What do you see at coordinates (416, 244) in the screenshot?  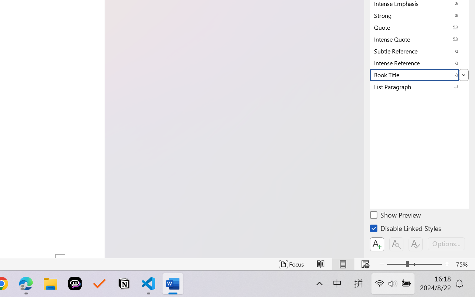 I see `'Class: NetUIButton'` at bounding box center [416, 244].